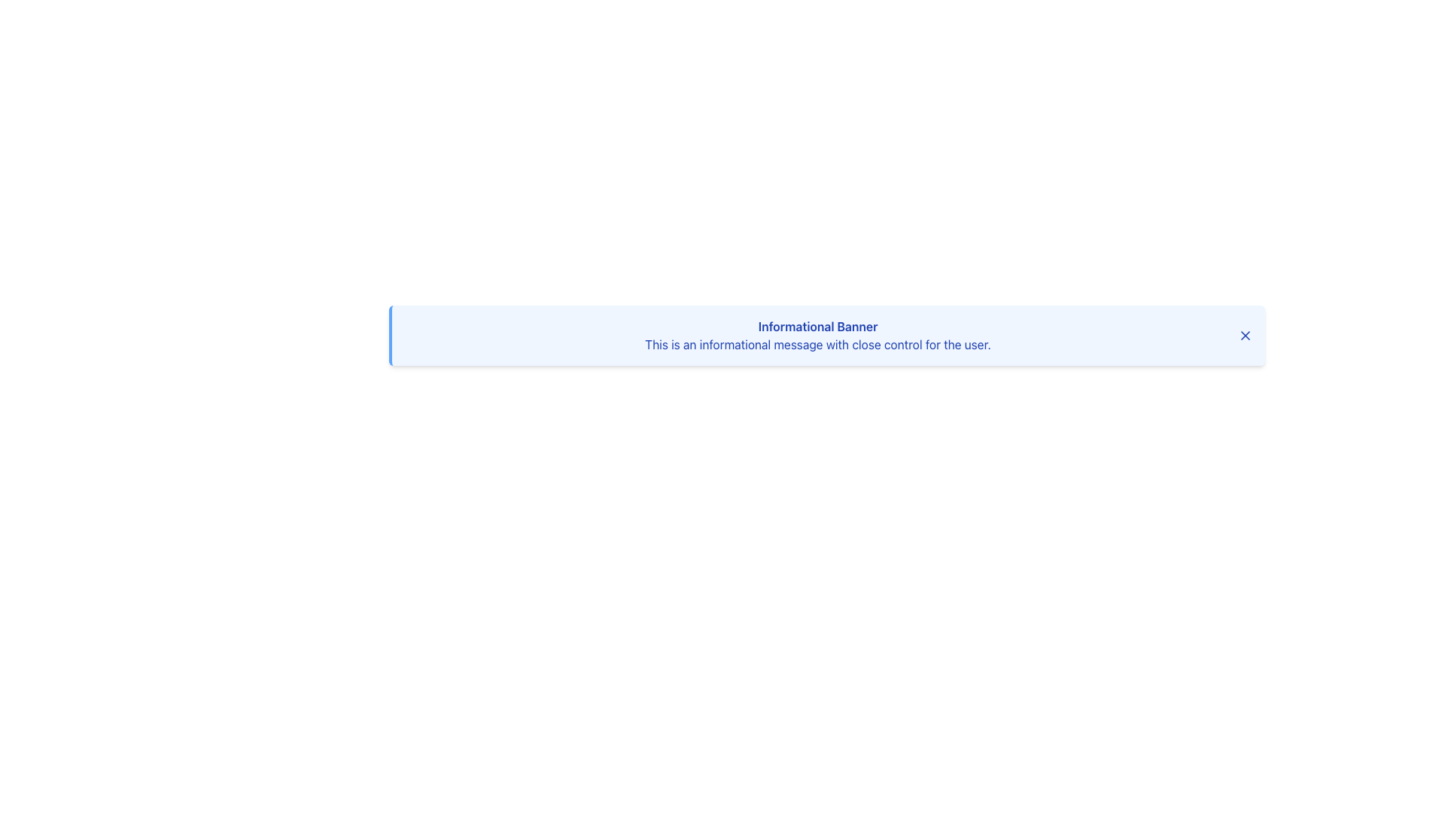  Describe the element at coordinates (1246, 335) in the screenshot. I see `the close button located at the far right of the informational banner` at that location.